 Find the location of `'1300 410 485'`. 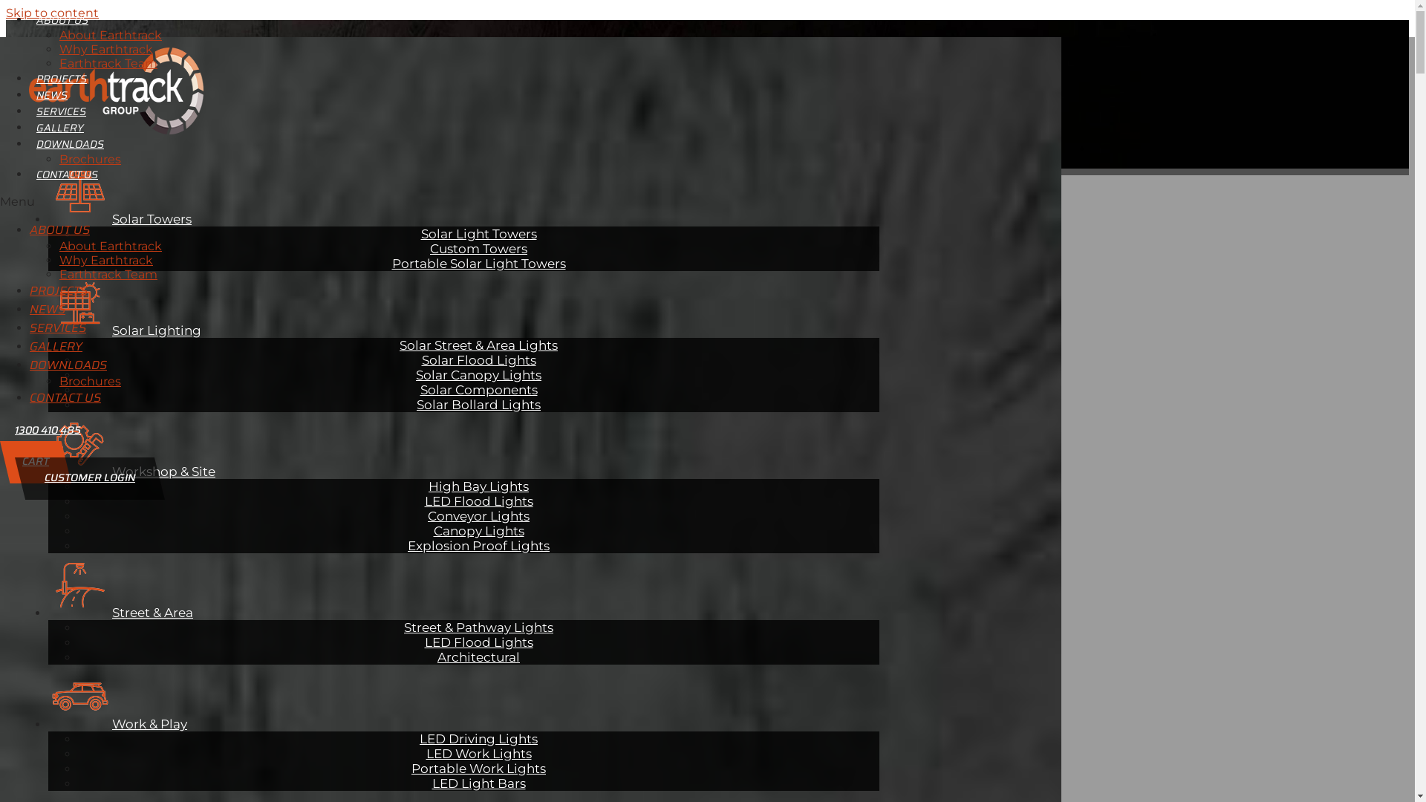

'1300 410 485' is located at coordinates (48, 429).